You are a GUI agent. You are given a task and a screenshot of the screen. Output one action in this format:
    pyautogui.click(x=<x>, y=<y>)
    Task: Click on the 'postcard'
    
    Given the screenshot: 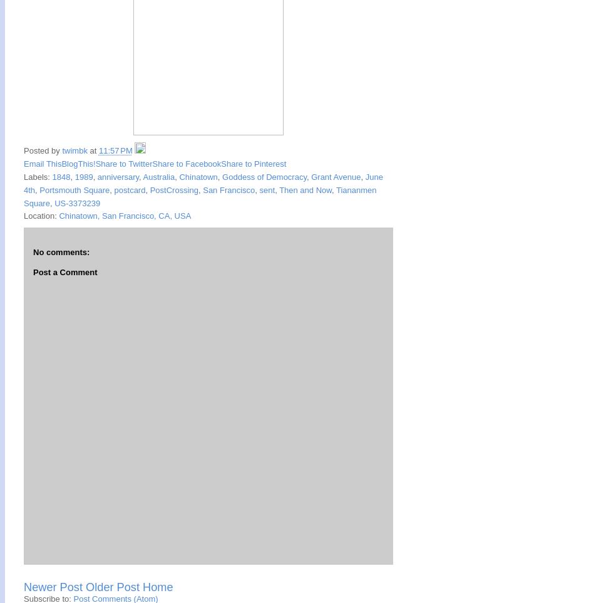 What is the action you would take?
    pyautogui.click(x=128, y=189)
    